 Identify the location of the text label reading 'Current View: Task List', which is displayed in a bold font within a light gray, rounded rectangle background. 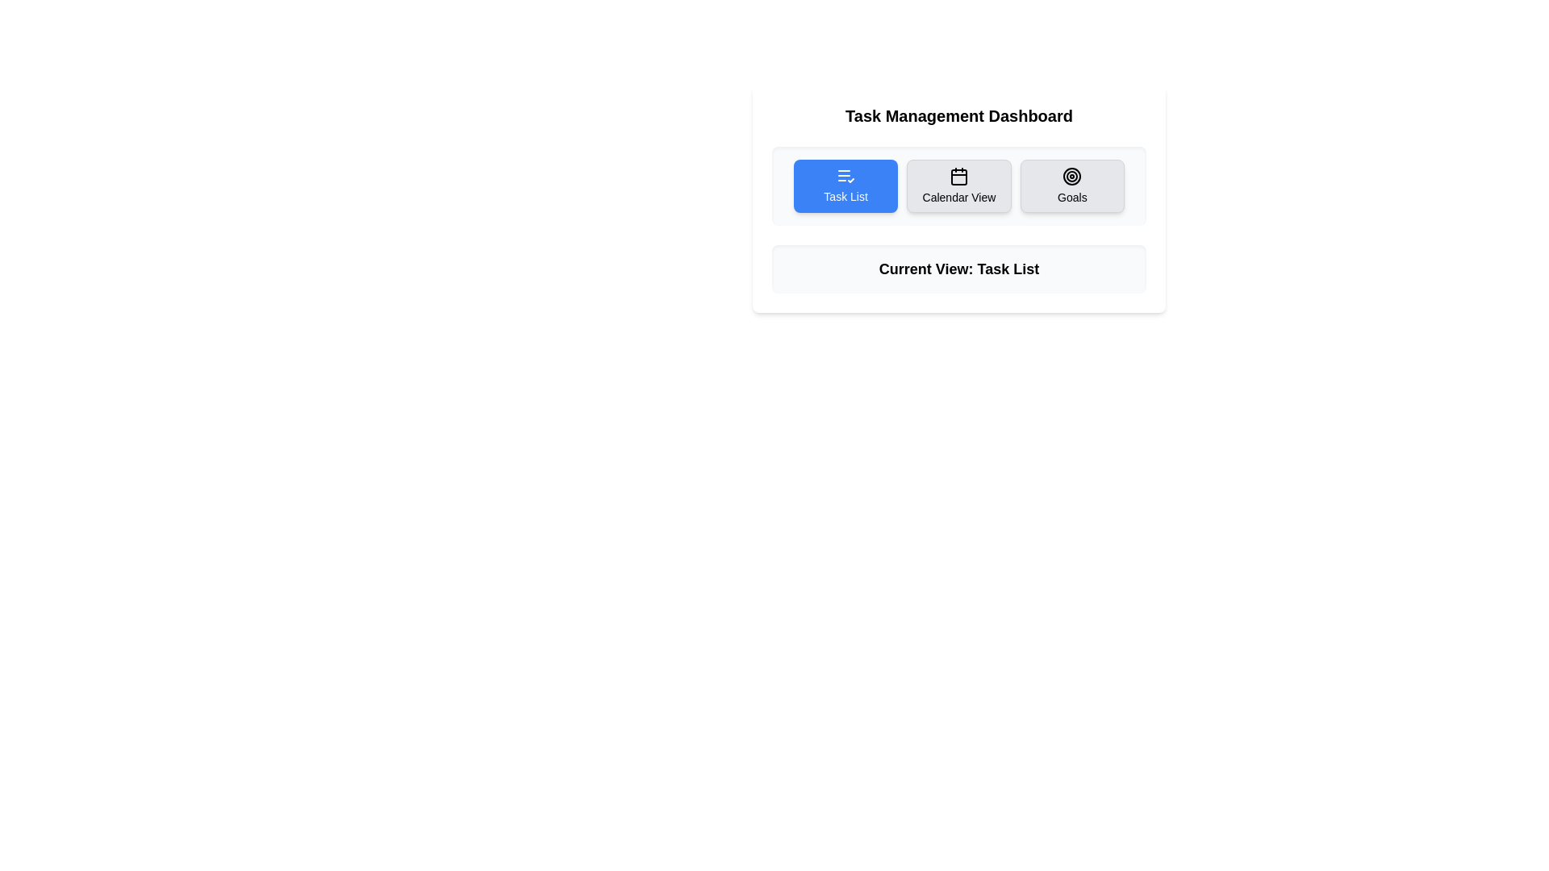
(959, 269).